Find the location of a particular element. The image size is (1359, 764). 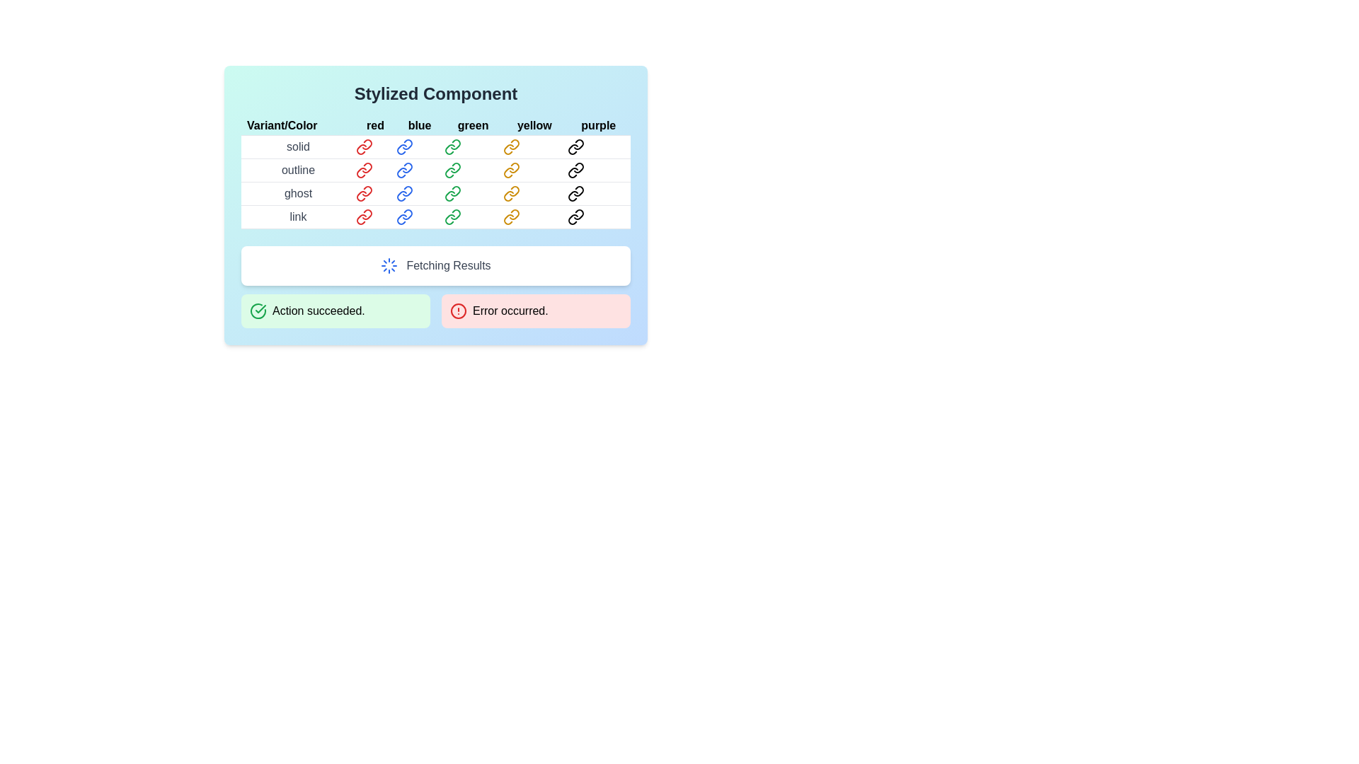

the green link icon button with a chain motif located in the 'outline' row under the 'green' column in the 'Styled Component' table is located at coordinates (453, 169).